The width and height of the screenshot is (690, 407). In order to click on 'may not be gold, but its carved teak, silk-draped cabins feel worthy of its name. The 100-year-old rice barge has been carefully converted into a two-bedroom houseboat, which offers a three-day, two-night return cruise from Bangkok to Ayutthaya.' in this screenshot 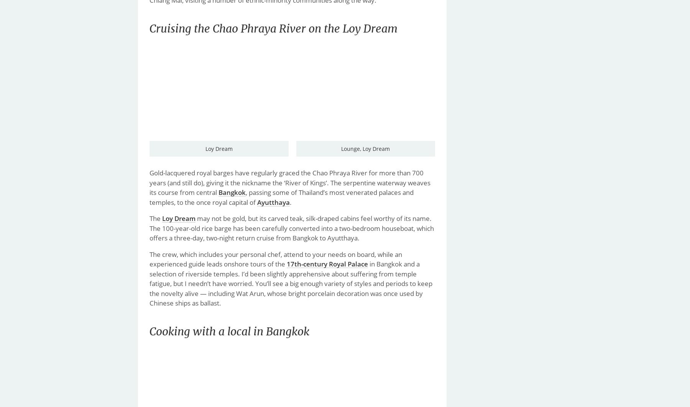, I will do `click(291, 228)`.